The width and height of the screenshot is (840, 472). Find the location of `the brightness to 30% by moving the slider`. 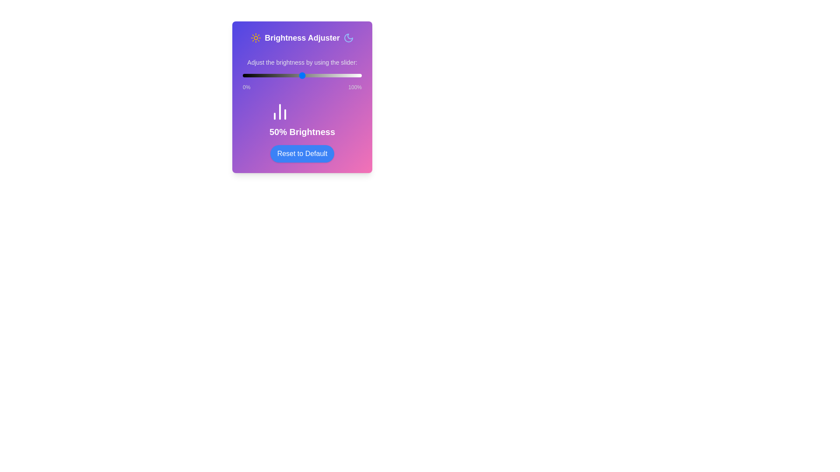

the brightness to 30% by moving the slider is located at coordinates (278, 75).